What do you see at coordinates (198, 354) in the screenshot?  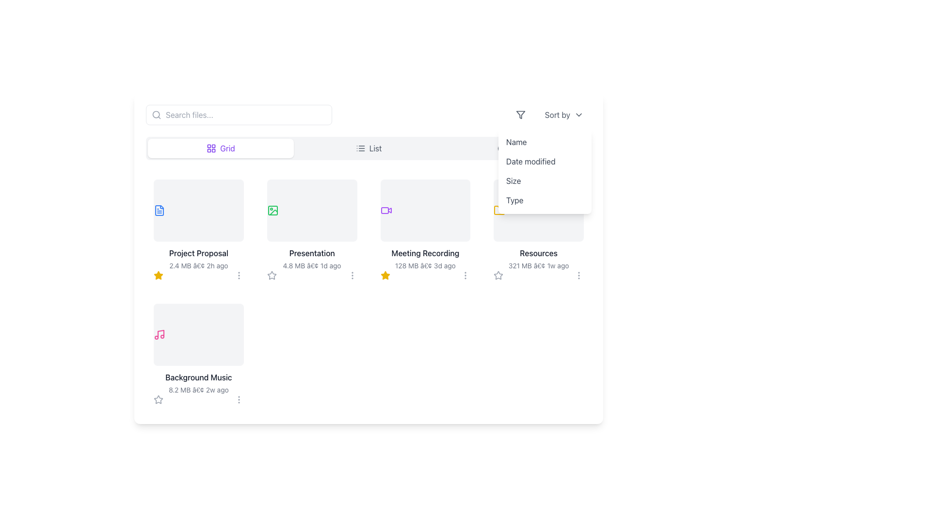 I see `the file tile representing 'Background Music'` at bounding box center [198, 354].